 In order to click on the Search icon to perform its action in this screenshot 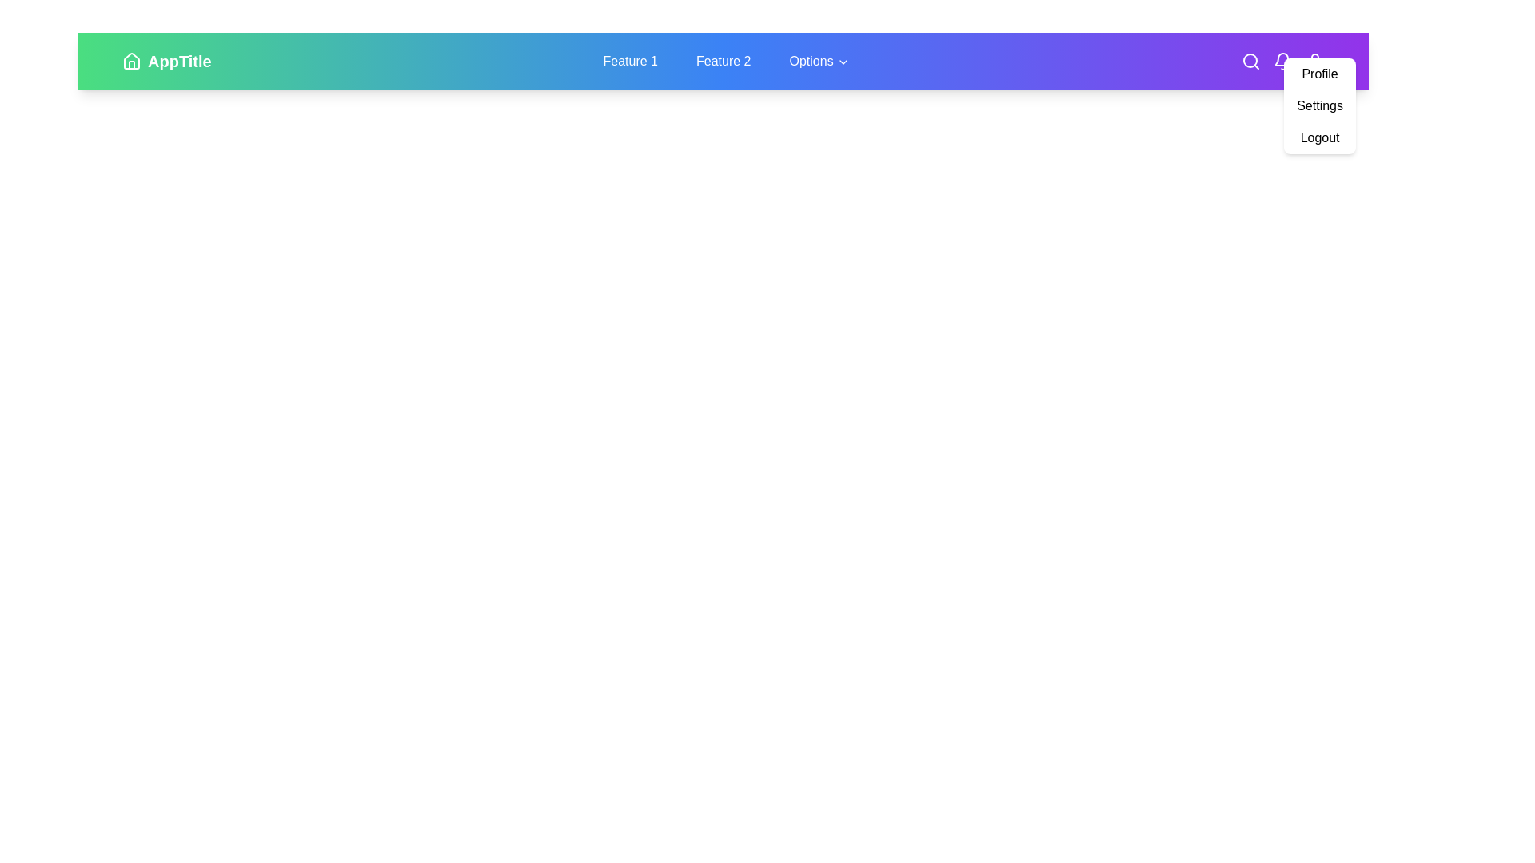, I will do `click(1250, 61)`.